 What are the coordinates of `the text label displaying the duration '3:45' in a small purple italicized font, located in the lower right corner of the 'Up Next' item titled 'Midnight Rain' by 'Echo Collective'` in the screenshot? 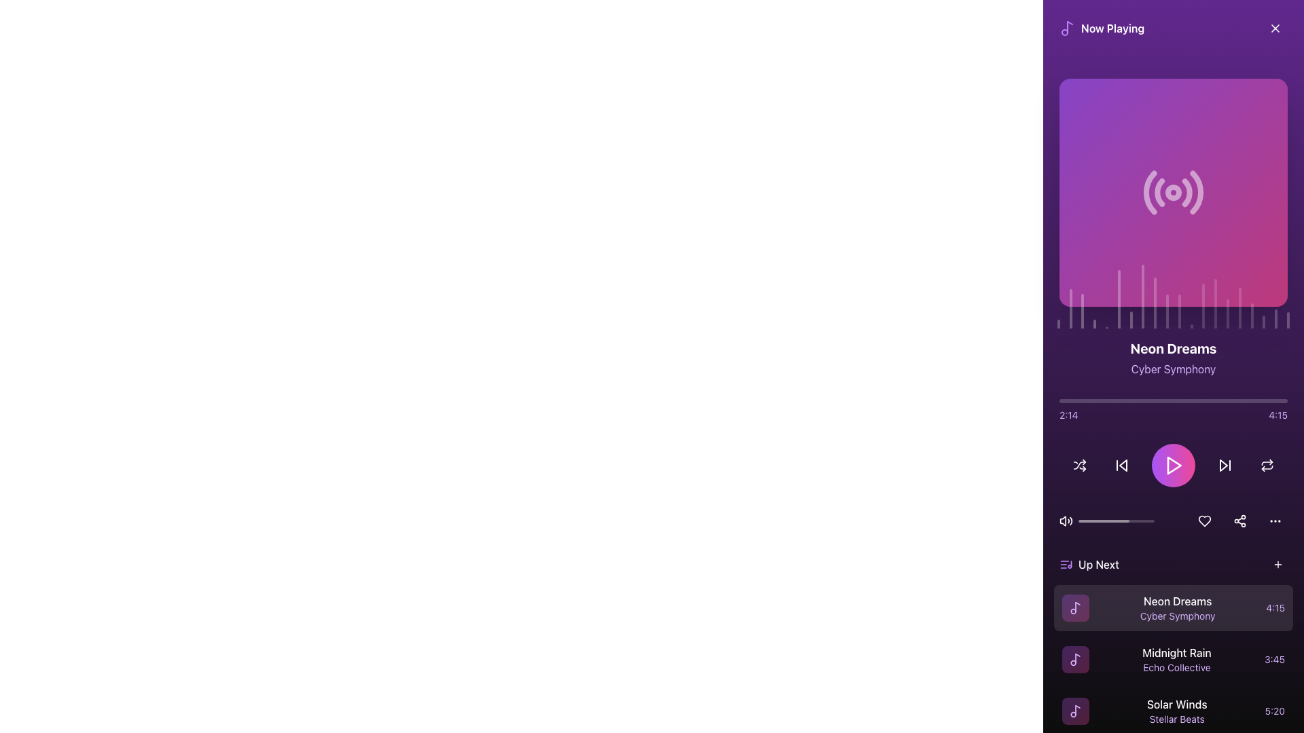 It's located at (1273, 659).